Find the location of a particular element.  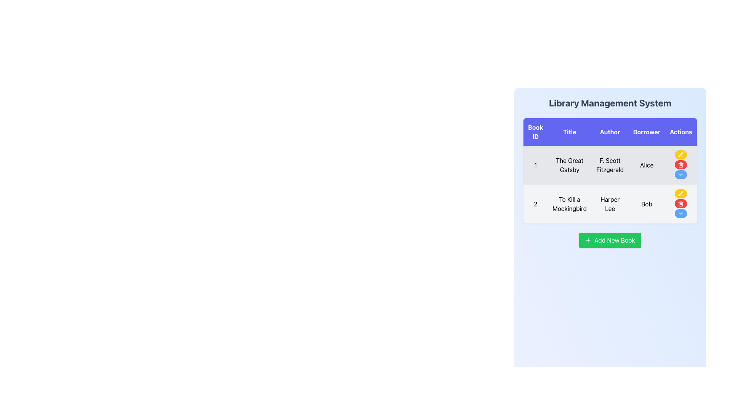

the circular button with a blue background and a white chevron pointing downwards located in the 'Actions' column of the second row is located at coordinates (681, 213).